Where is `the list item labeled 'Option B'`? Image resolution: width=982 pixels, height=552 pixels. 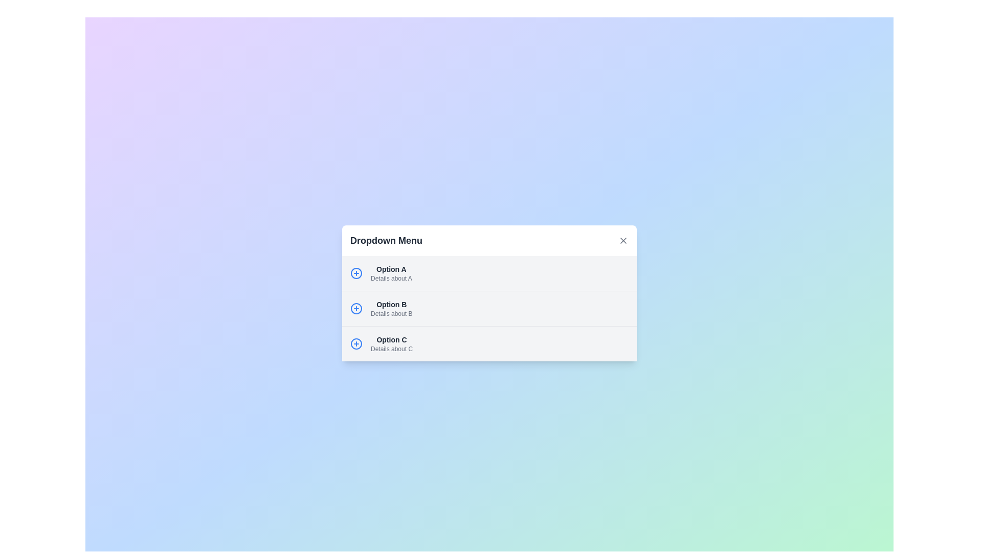
the list item labeled 'Option B' is located at coordinates (488, 308).